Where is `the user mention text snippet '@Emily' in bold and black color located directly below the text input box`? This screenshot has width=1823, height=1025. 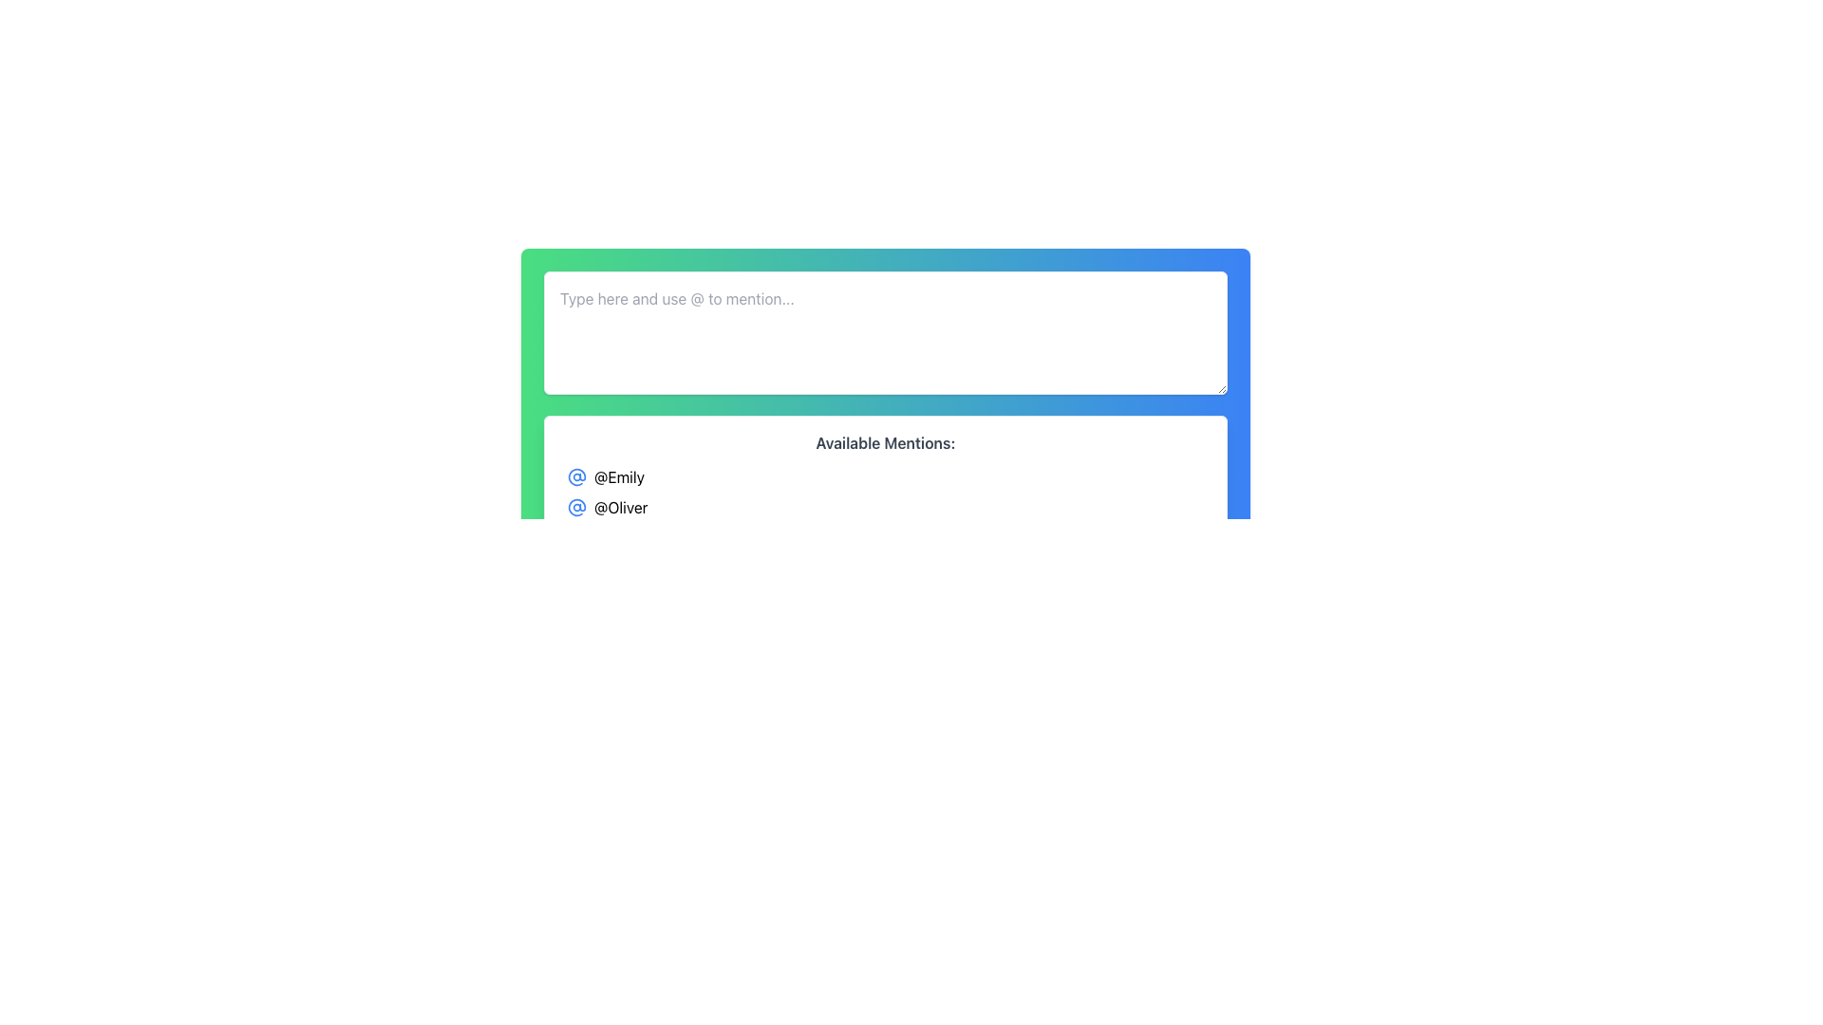 the user mention text snippet '@Emily' in bold and black color located directly below the text input box is located at coordinates (619, 475).